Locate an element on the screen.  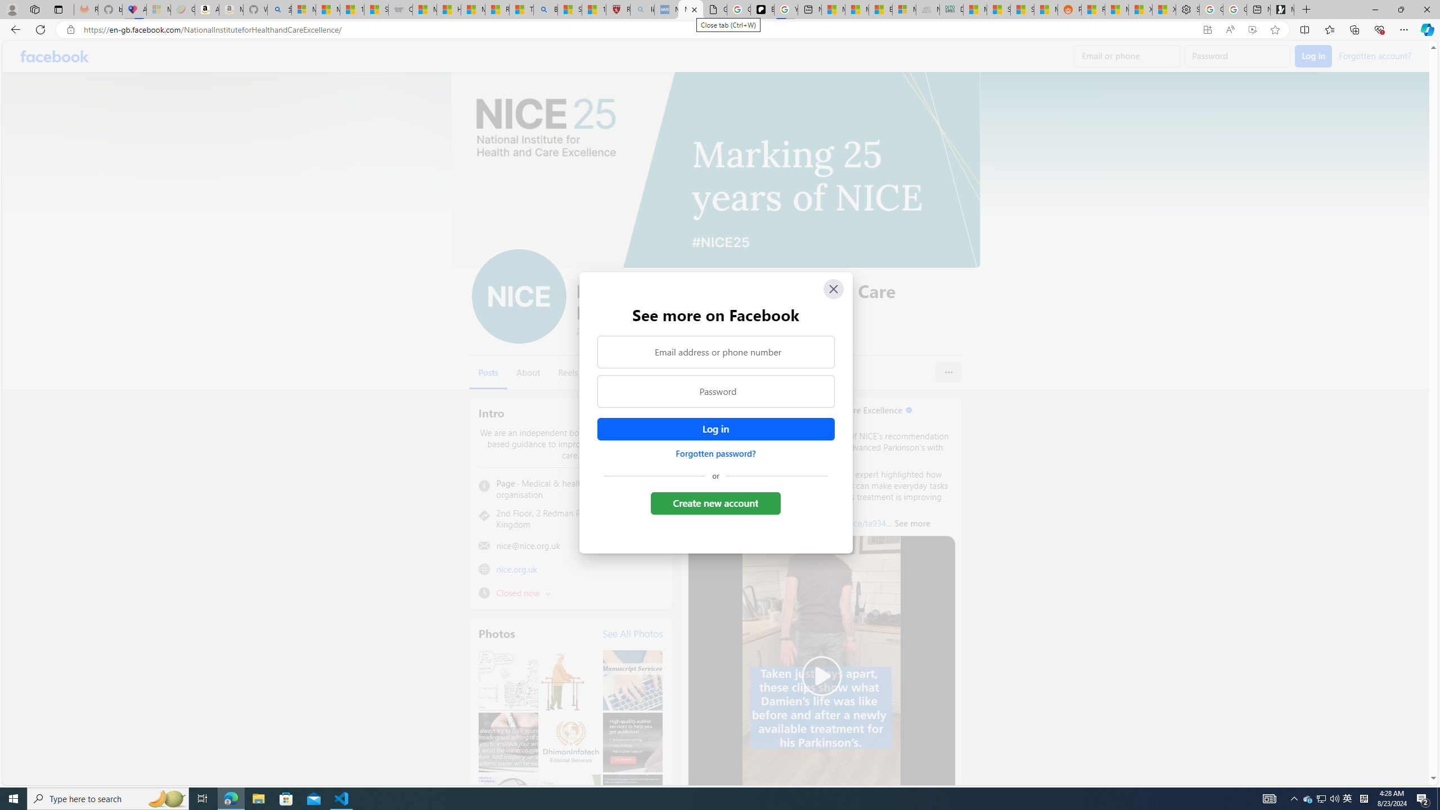
'Entertainment - MSN' is located at coordinates (880, 9).